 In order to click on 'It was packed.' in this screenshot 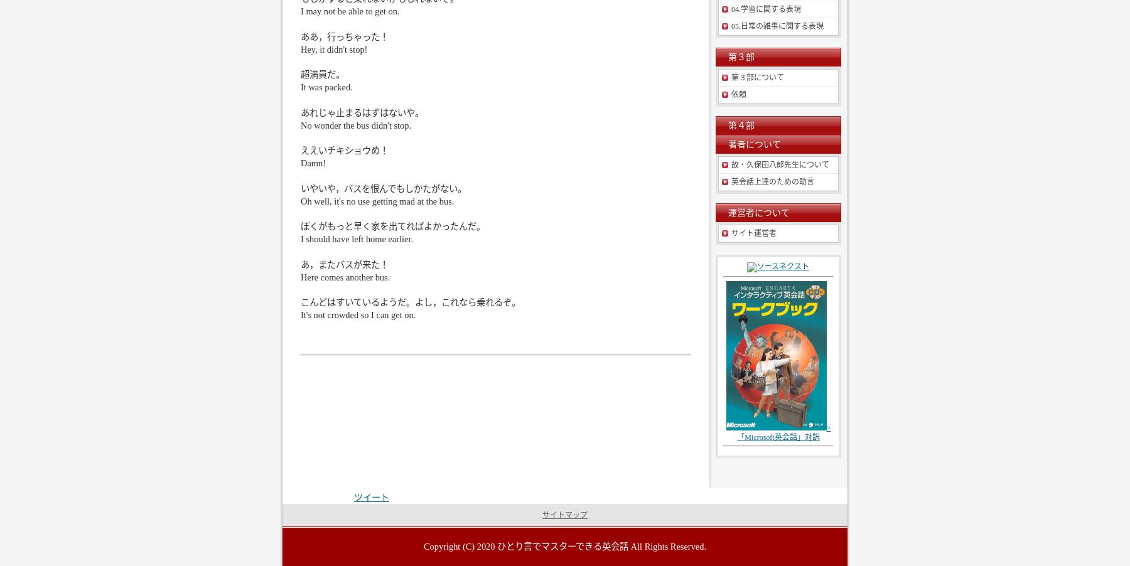, I will do `click(299, 87)`.